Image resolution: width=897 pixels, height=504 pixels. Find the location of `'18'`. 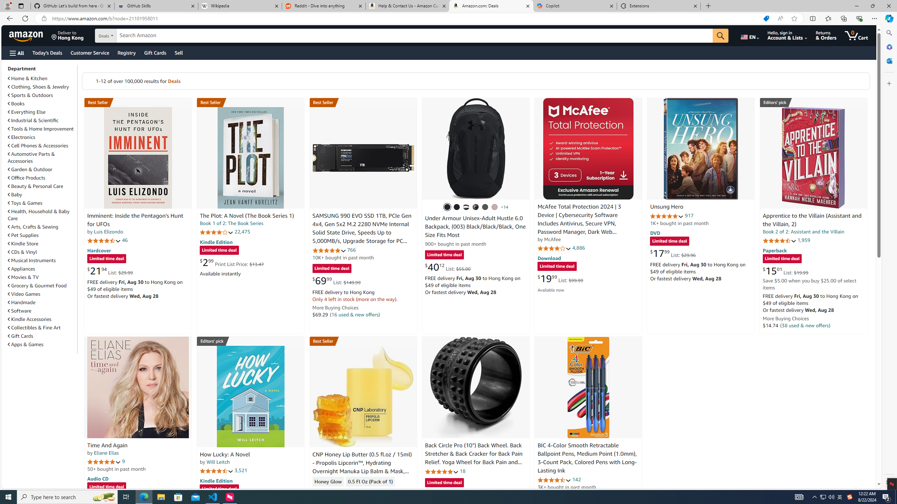

'18' is located at coordinates (462, 470).